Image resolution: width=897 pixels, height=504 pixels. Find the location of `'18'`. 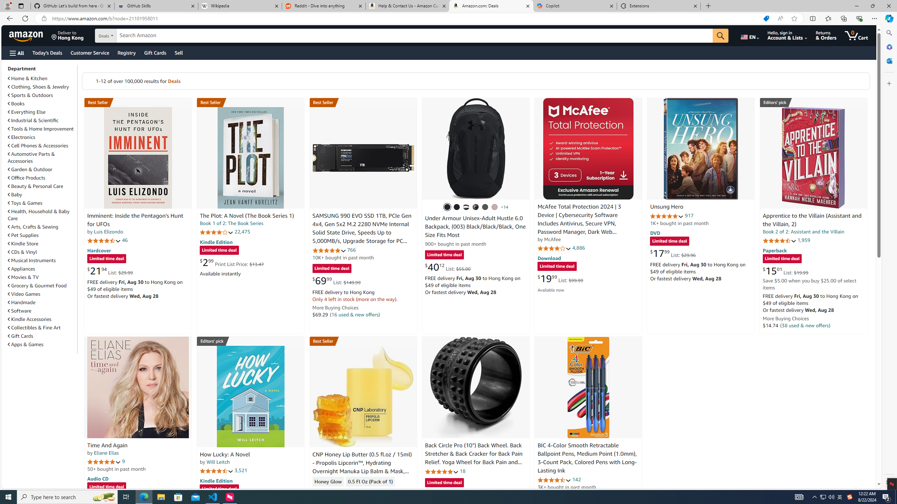

'18' is located at coordinates (462, 470).